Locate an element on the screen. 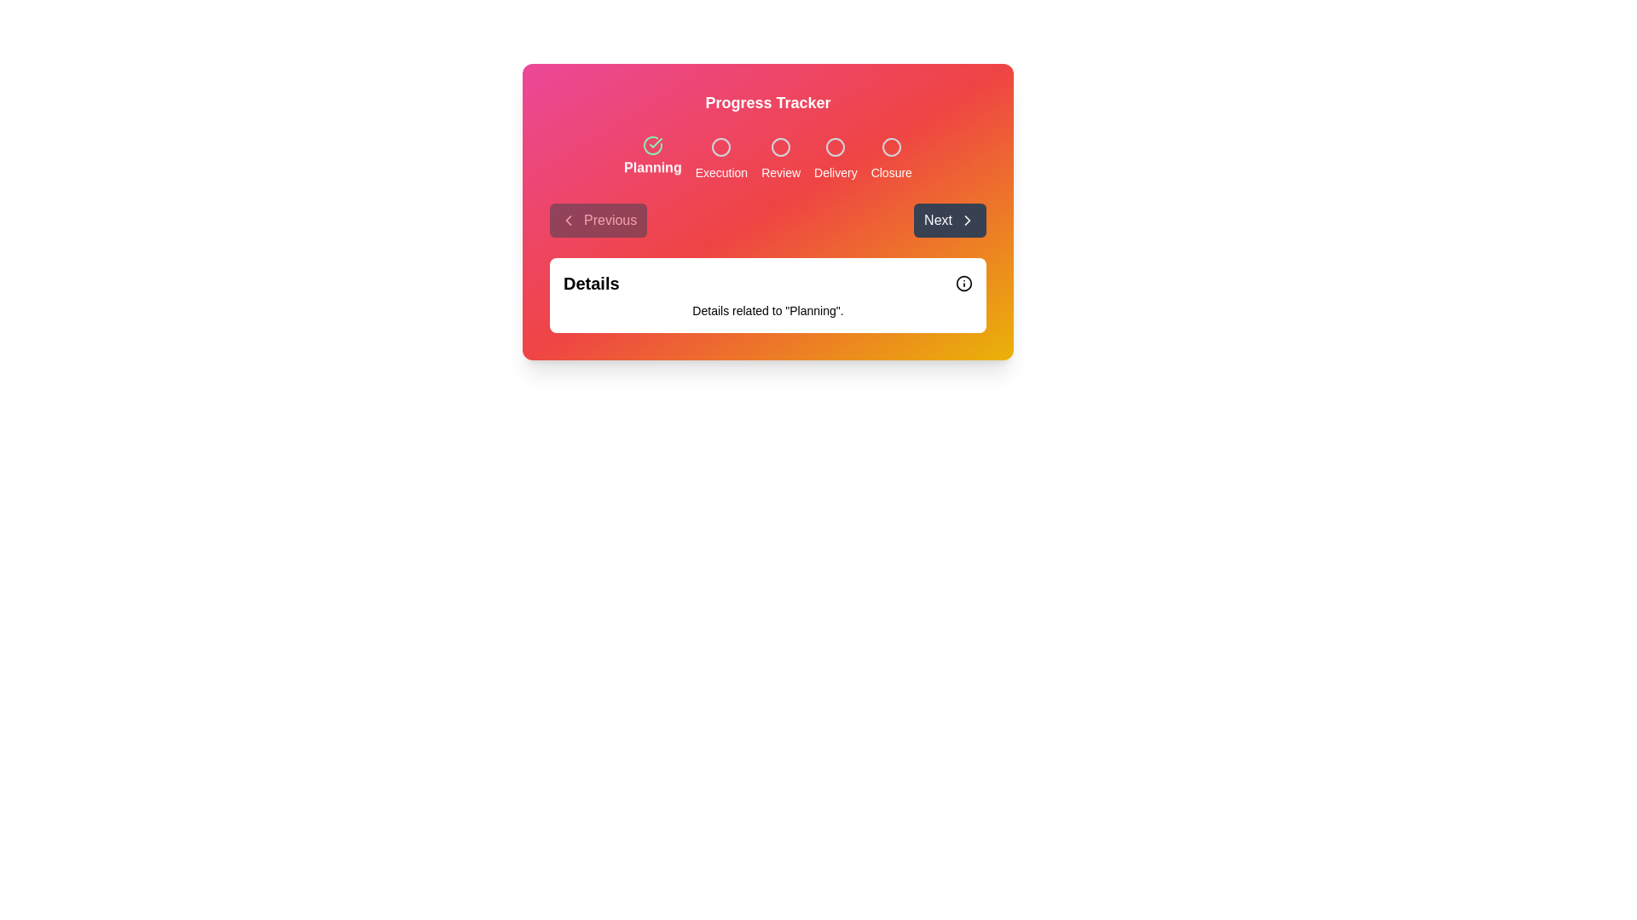 The image size is (1637, 920). the 'Review' text label in the progress tracker, which indicates the third stage of the workflow is located at coordinates (780, 173).